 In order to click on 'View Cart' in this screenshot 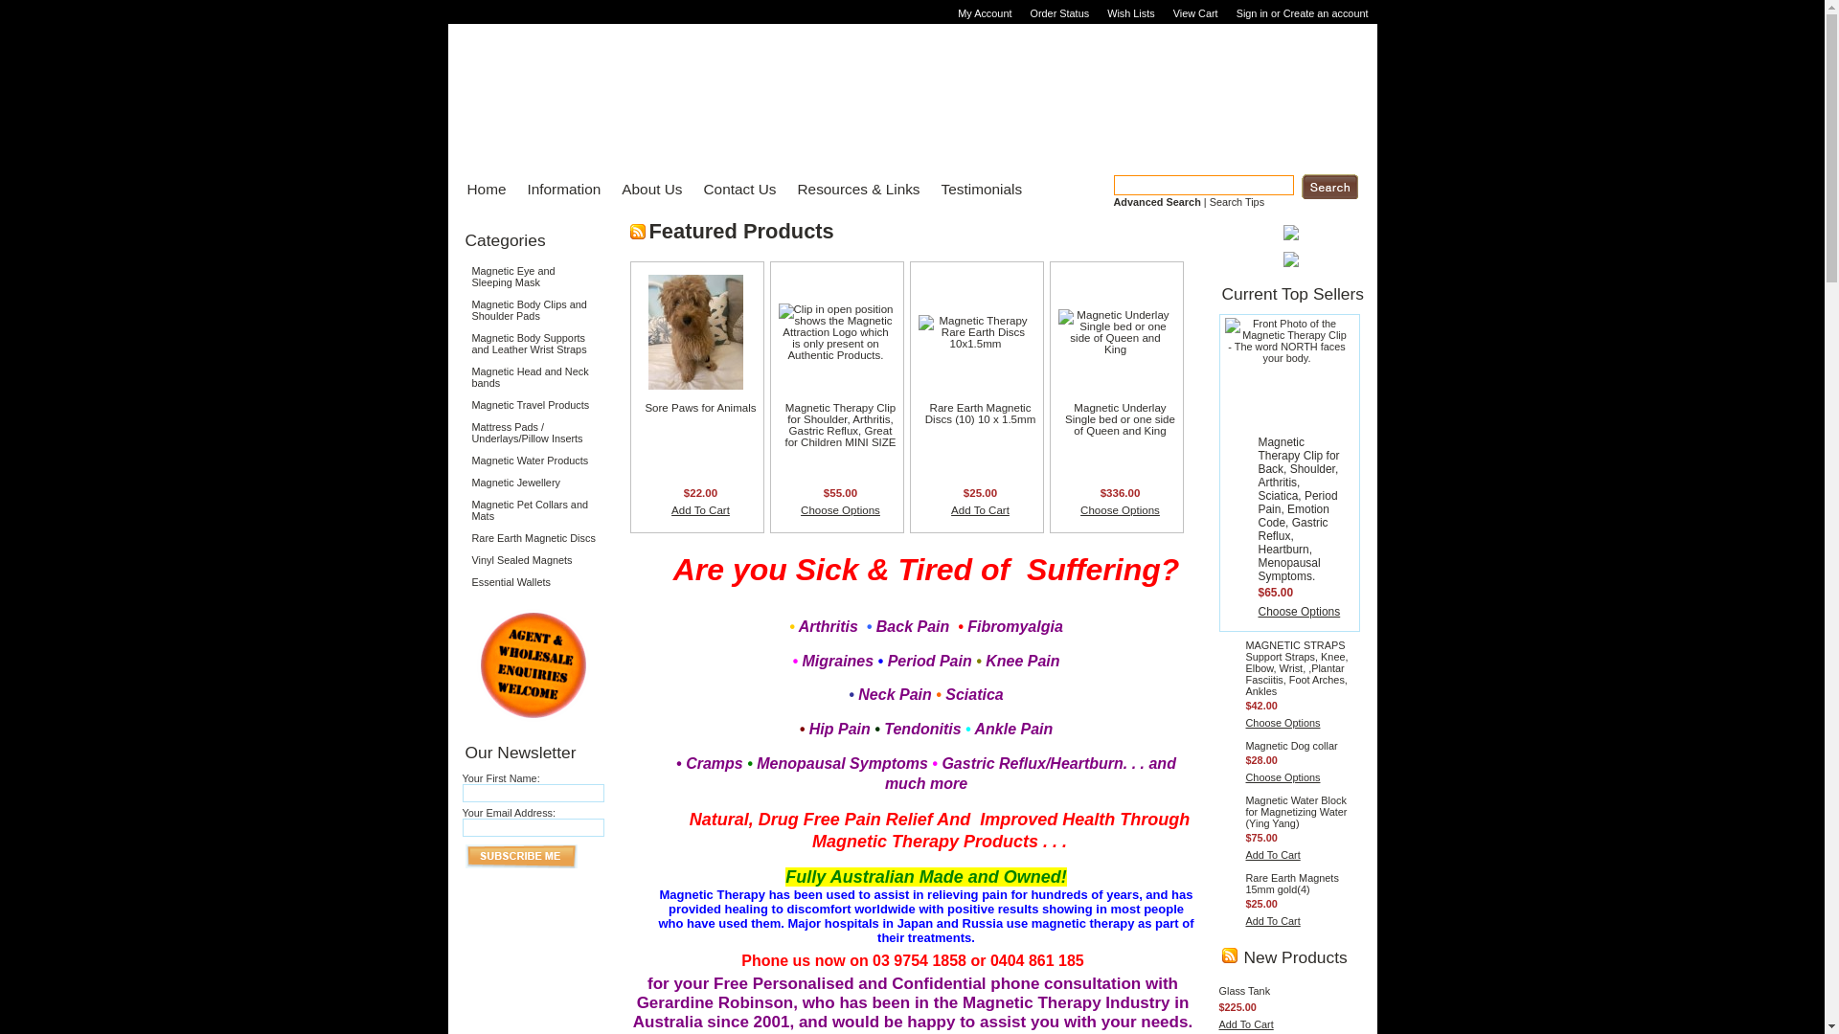, I will do `click(1197, 13)`.